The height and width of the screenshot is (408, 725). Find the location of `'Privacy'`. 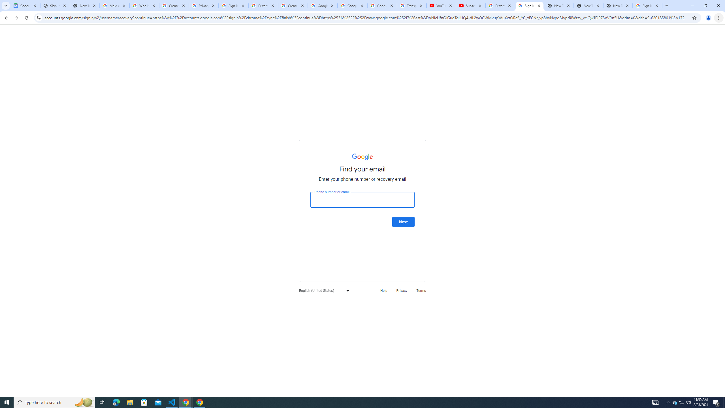

'Privacy' is located at coordinates (402, 290).